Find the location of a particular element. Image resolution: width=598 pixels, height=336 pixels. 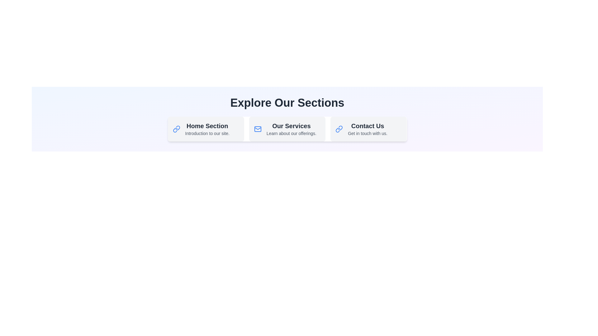

the icon located at the beginning of the 'Home Section' card, to the left of the 'Home Section' text in the 'Explore Our Sections' interface is located at coordinates (176, 129).